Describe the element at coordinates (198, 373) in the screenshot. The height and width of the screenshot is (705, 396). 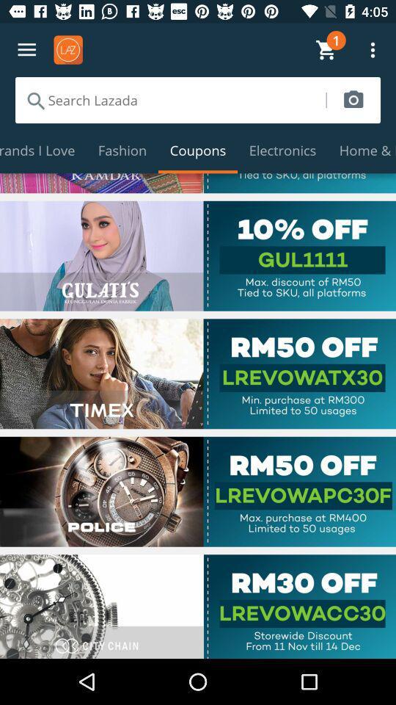
I see `coupon` at that location.